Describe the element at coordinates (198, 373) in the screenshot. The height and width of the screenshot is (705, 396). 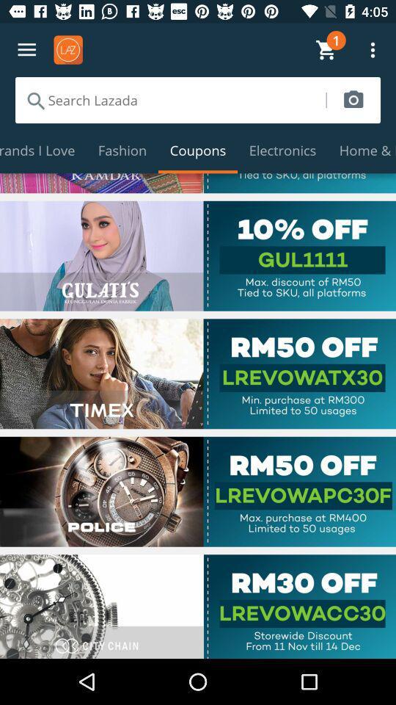
I see `coupon` at that location.